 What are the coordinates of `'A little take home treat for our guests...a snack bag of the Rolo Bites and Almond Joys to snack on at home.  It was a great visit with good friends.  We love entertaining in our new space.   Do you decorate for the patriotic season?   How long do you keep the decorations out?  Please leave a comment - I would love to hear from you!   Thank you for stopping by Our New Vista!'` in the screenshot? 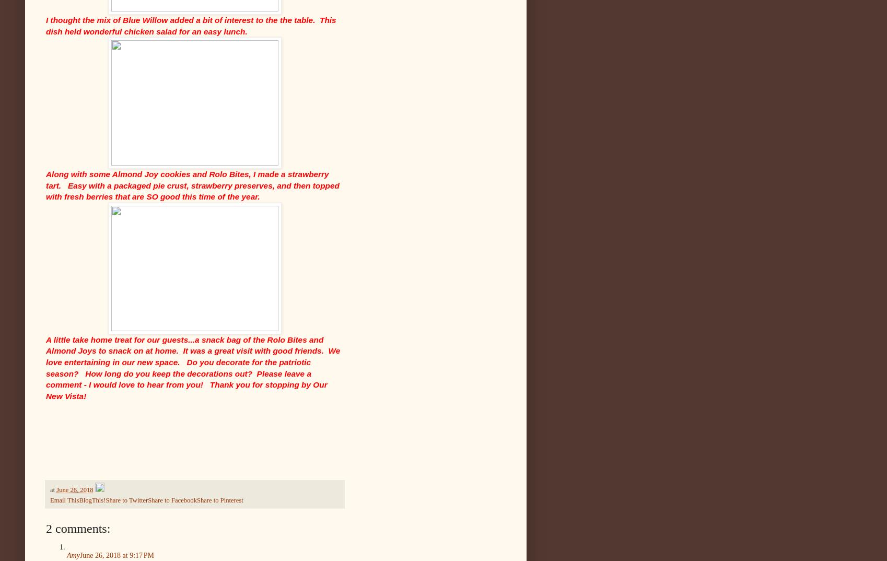 It's located at (193, 367).